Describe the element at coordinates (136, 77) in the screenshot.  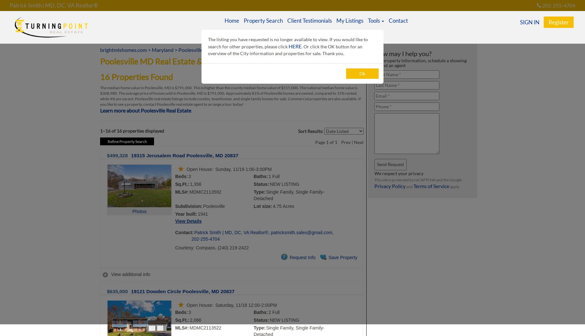
I see `'16 Properties Found'` at that location.